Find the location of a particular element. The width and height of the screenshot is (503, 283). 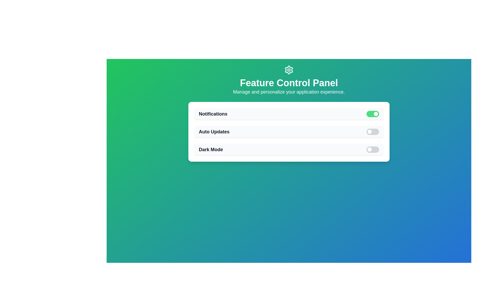

the toggle switch for 'Auto Updates' feature in the Feature Control Panel to focus on it is located at coordinates (289, 131).